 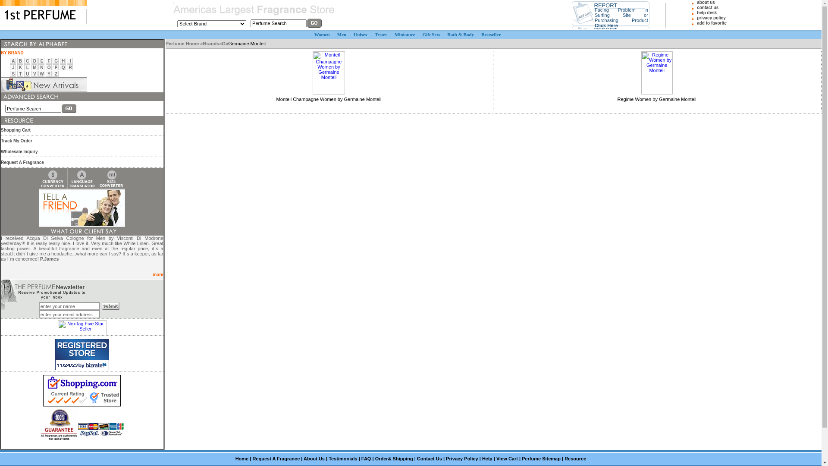 I want to click on 'Y', so click(x=48, y=73).